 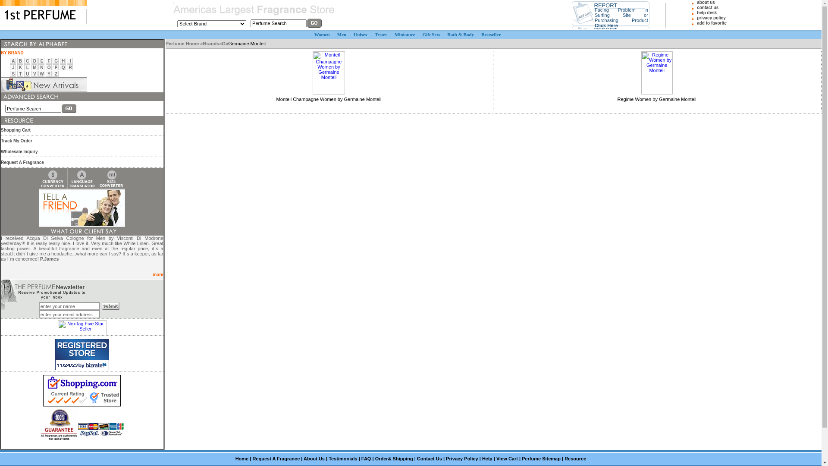 I want to click on 'Y', so click(x=48, y=73).